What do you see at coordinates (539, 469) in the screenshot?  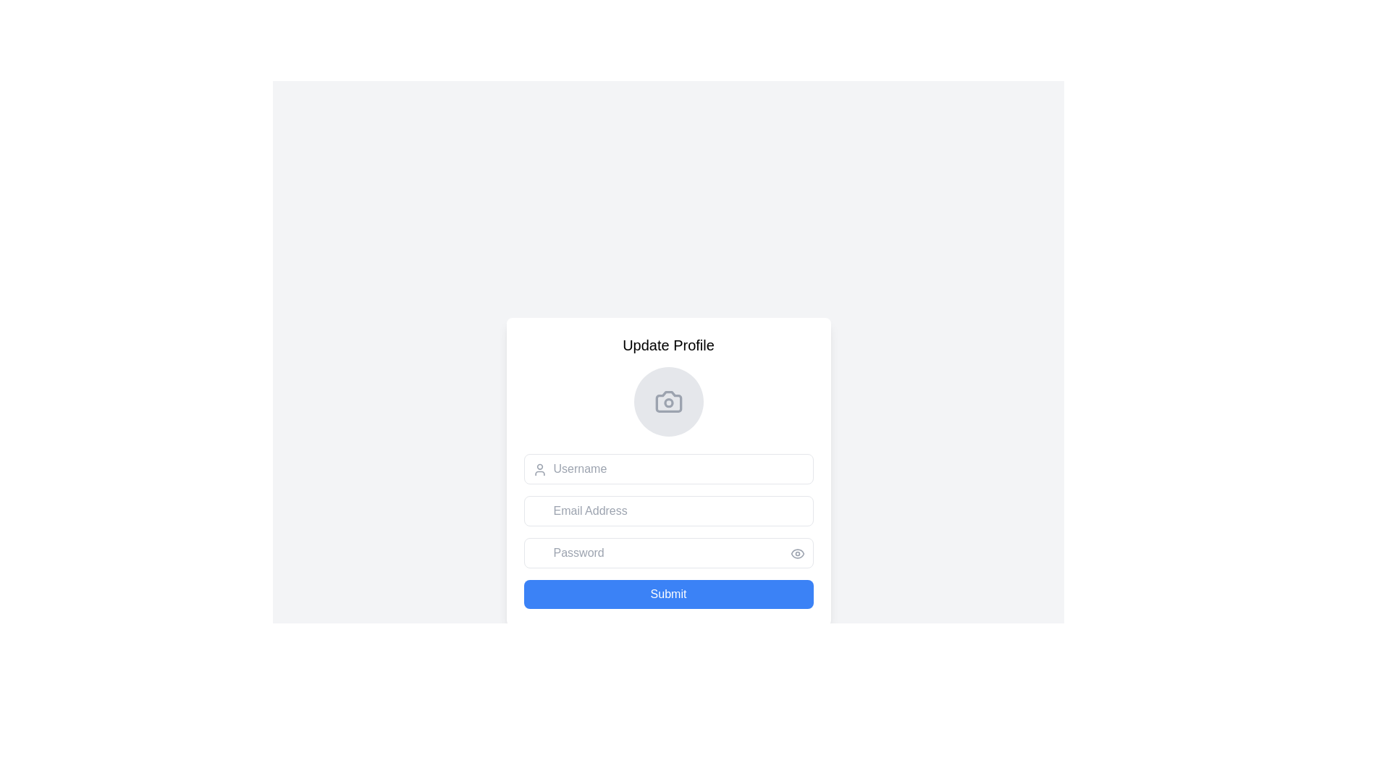 I see `the user icon located to the left of the 'Username' input field within the 'Update Profile' form` at bounding box center [539, 469].